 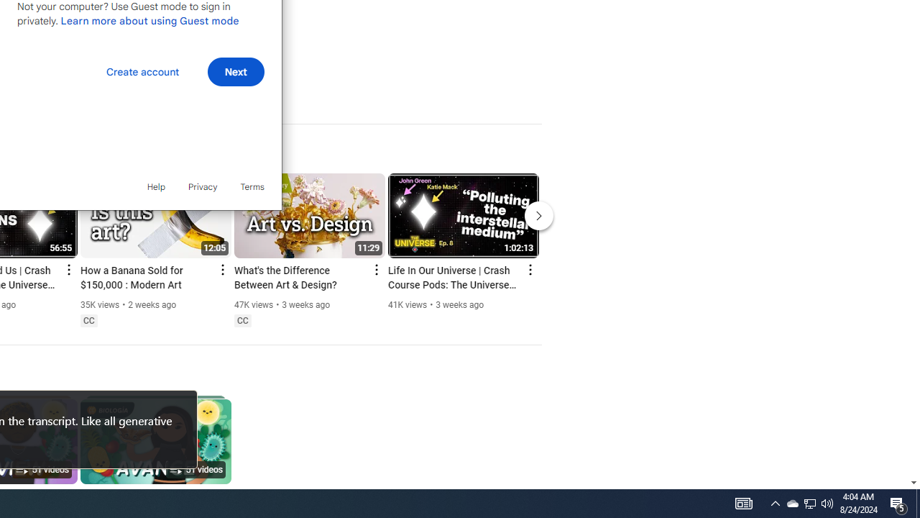 What do you see at coordinates (775, 502) in the screenshot?
I see `'Notification Chevron'` at bounding box center [775, 502].